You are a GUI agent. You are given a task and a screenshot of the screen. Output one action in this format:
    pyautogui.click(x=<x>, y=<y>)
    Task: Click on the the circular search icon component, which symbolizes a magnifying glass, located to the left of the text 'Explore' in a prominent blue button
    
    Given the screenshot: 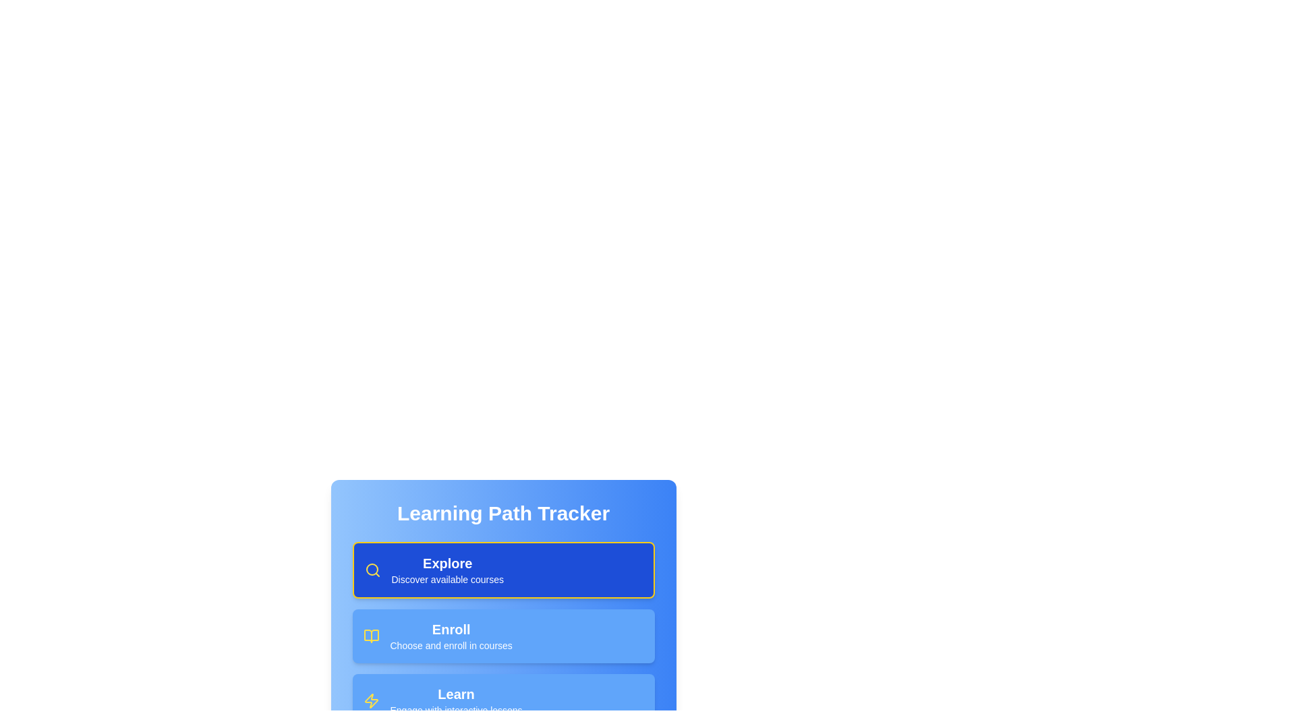 What is the action you would take?
    pyautogui.click(x=372, y=569)
    